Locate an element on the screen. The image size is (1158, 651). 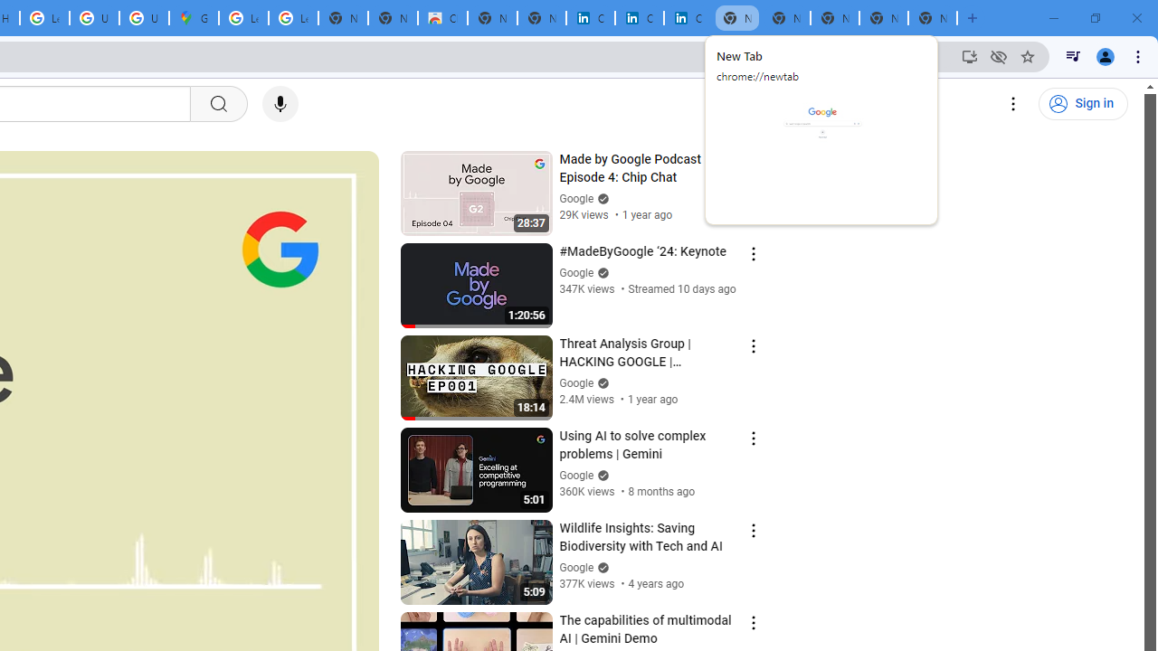
'Install YouTube' is located at coordinates (969, 55).